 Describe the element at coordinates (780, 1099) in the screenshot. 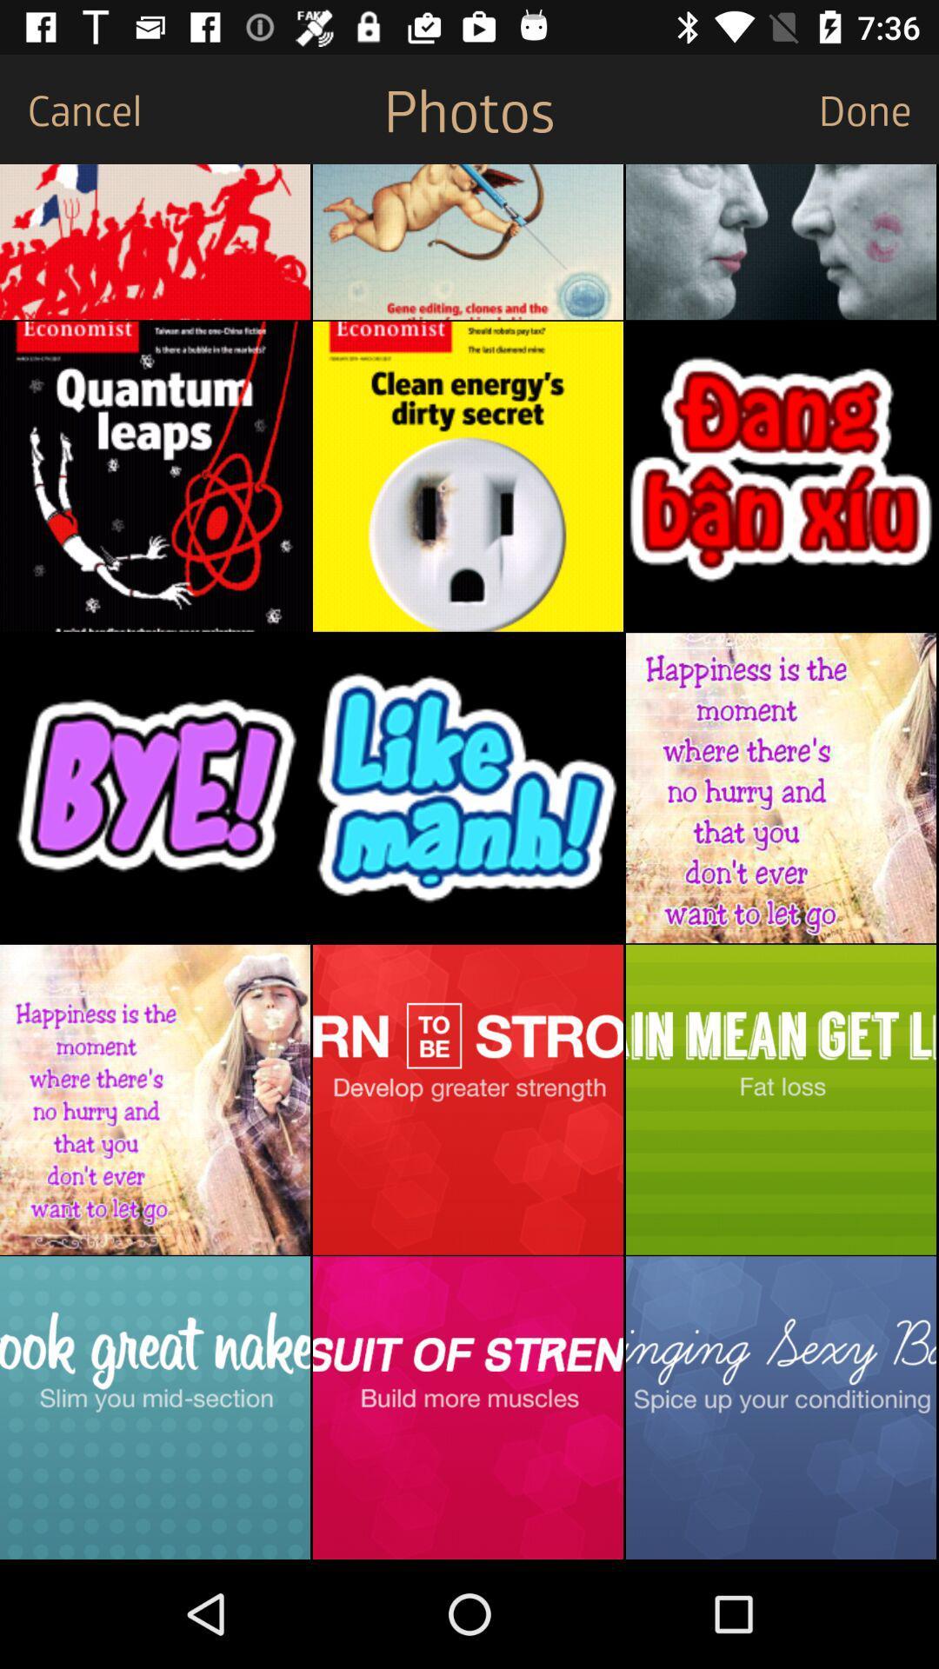

I see `photo` at that location.